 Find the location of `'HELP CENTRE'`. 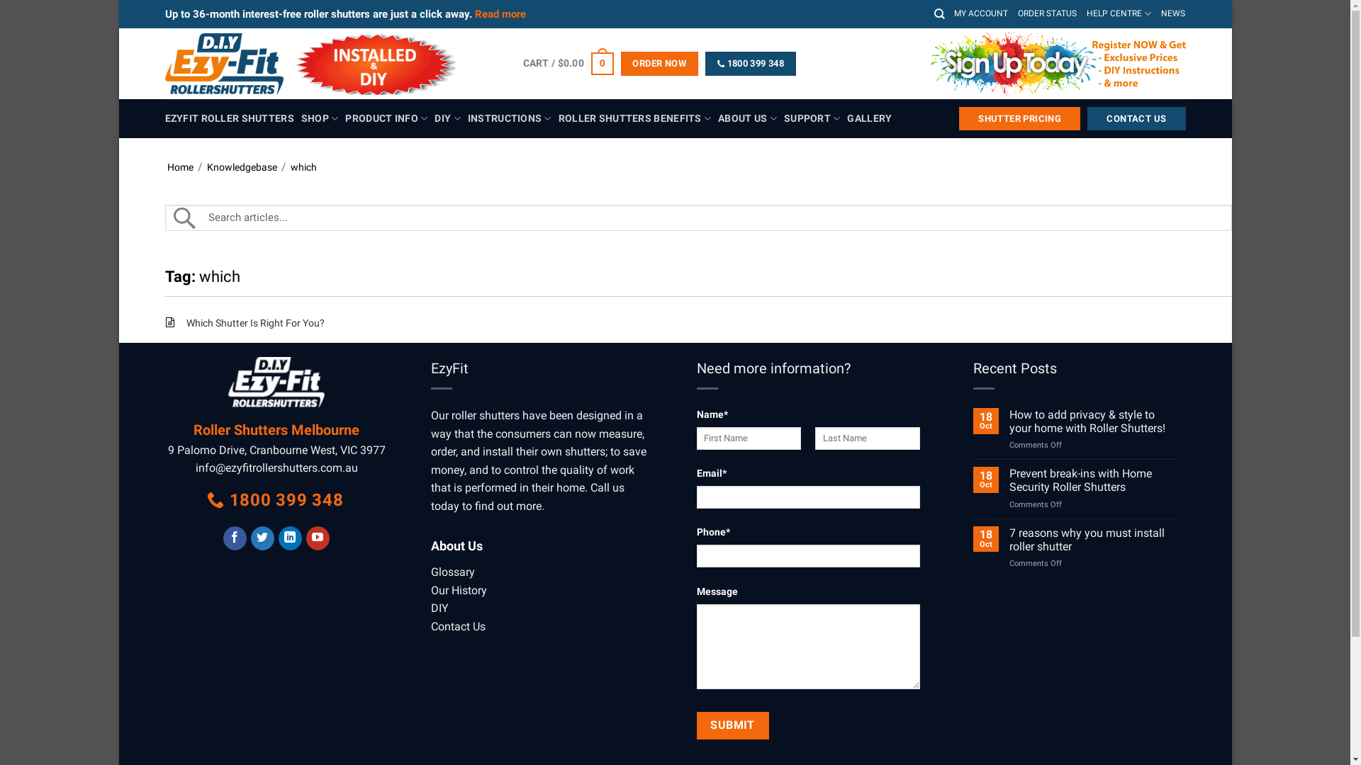

'HELP CENTRE' is located at coordinates (1118, 13).